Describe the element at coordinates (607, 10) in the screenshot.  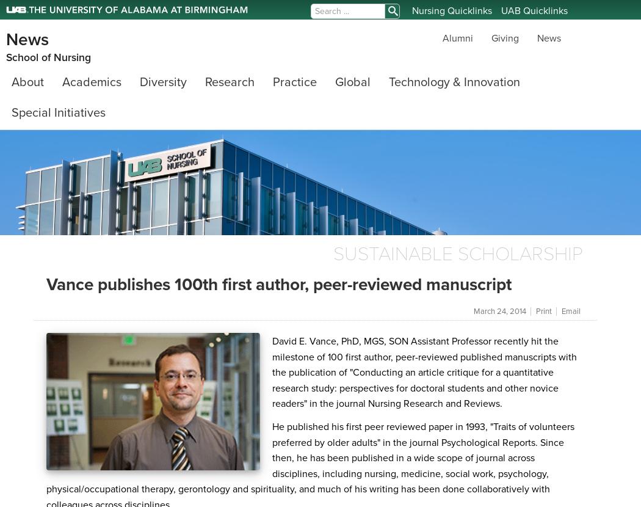
I see `'frontend login'` at that location.